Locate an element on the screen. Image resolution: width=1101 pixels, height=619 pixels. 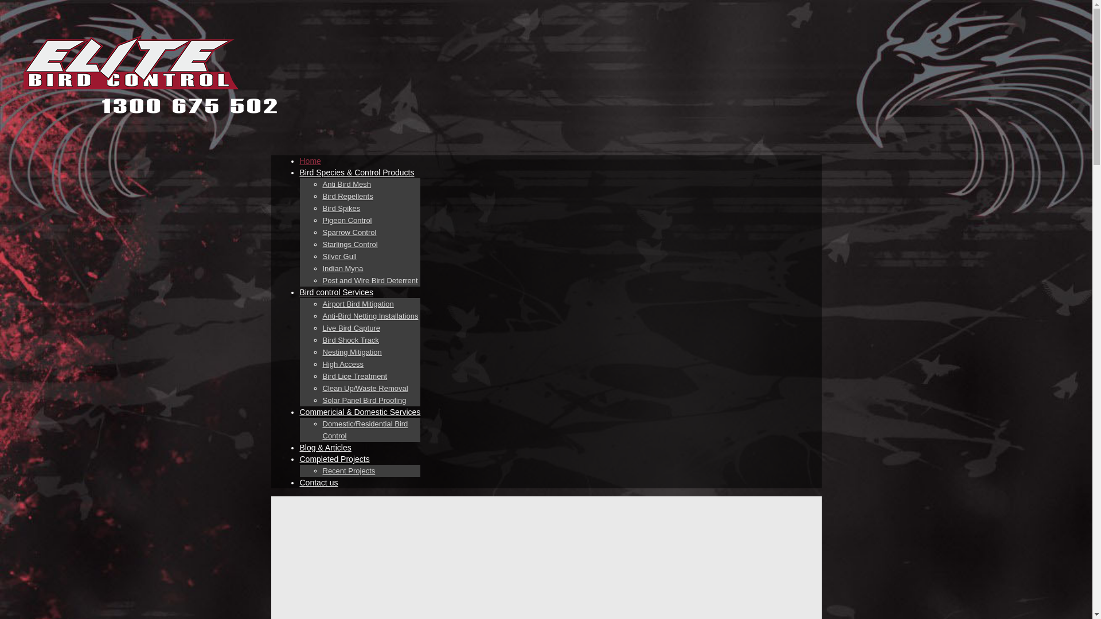
'Bird control Services' is located at coordinates (335, 291).